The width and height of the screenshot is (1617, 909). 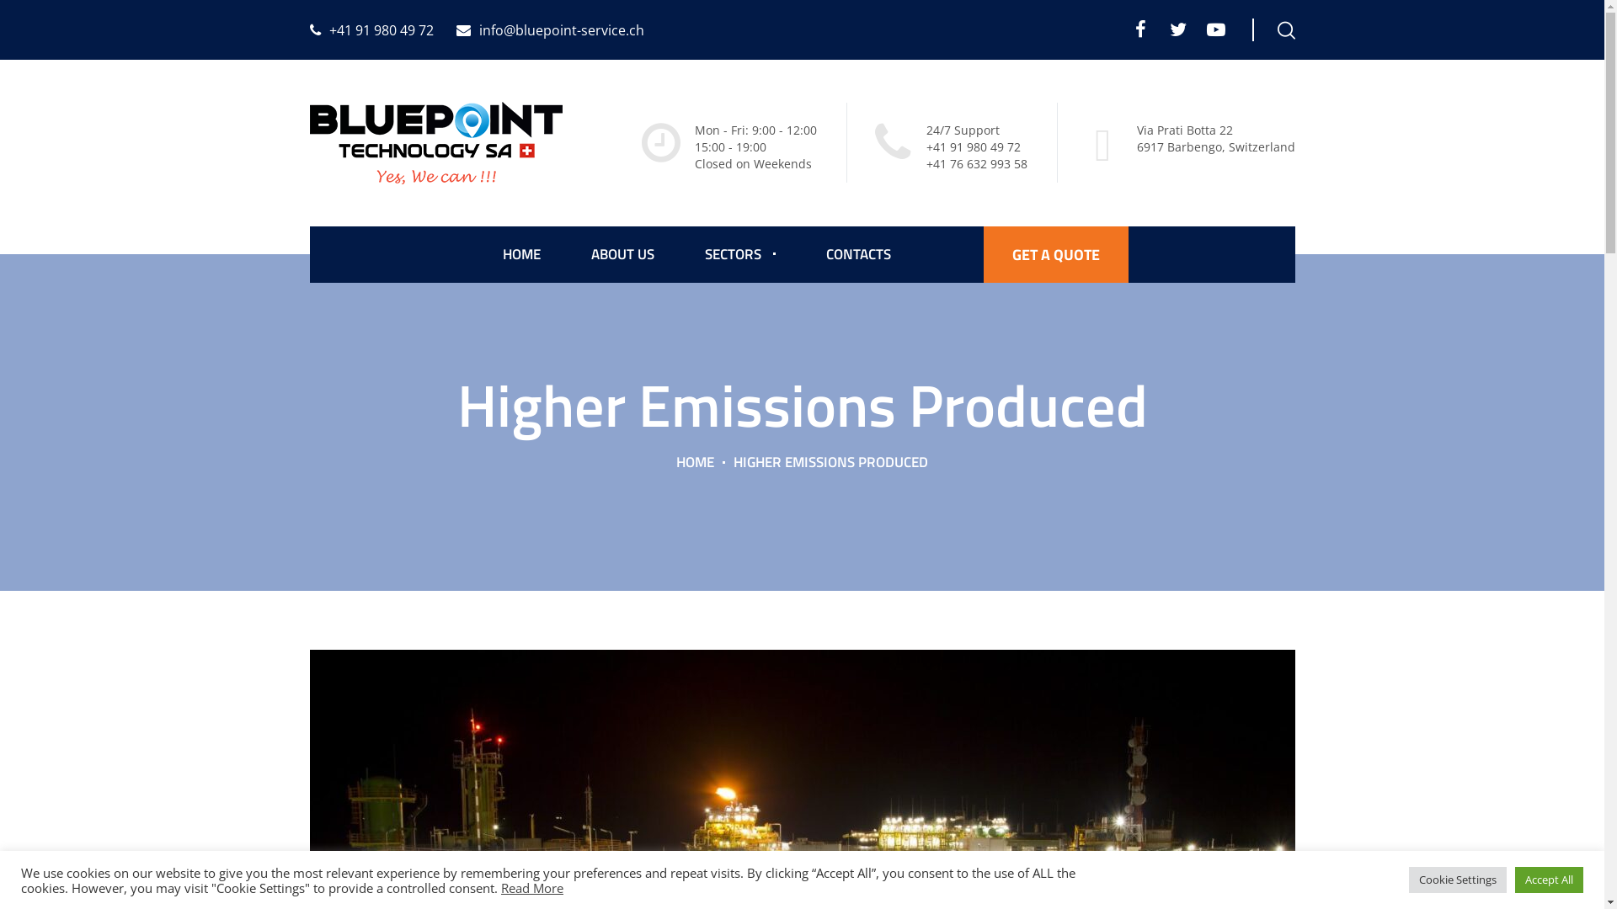 I want to click on 'HOME', so click(x=675, y=461).